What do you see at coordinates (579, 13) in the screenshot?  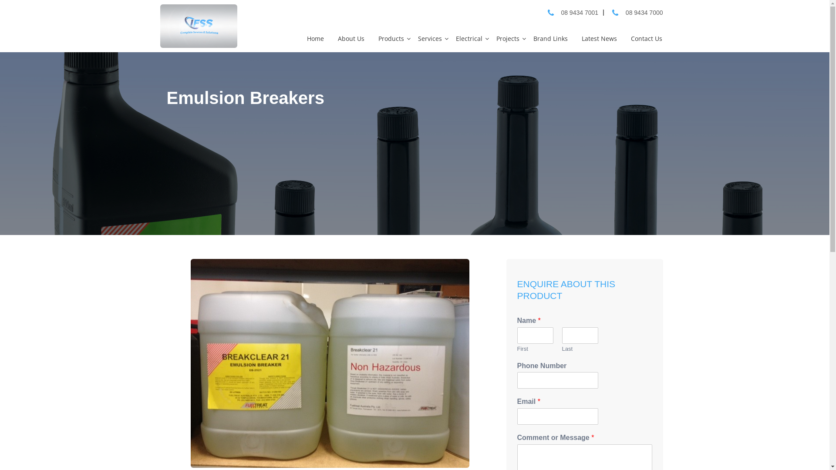 I see `'08 9434 7001'` at bounding box center [579, 13].